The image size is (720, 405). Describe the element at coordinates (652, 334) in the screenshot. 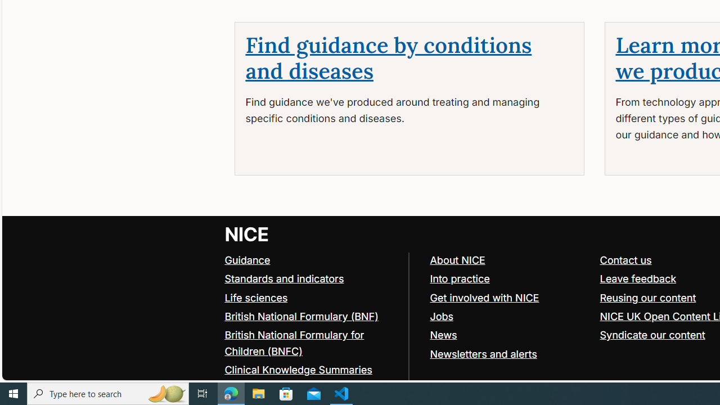

I see `'Syndicate our content'` at that location.